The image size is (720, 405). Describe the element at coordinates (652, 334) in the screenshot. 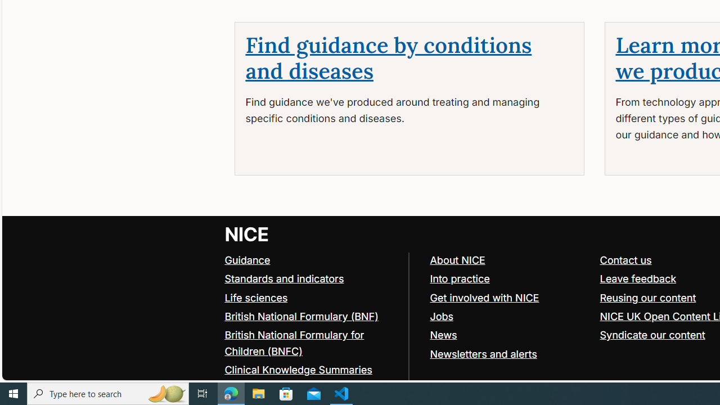

I see `'Syndicate our content'` at that location.